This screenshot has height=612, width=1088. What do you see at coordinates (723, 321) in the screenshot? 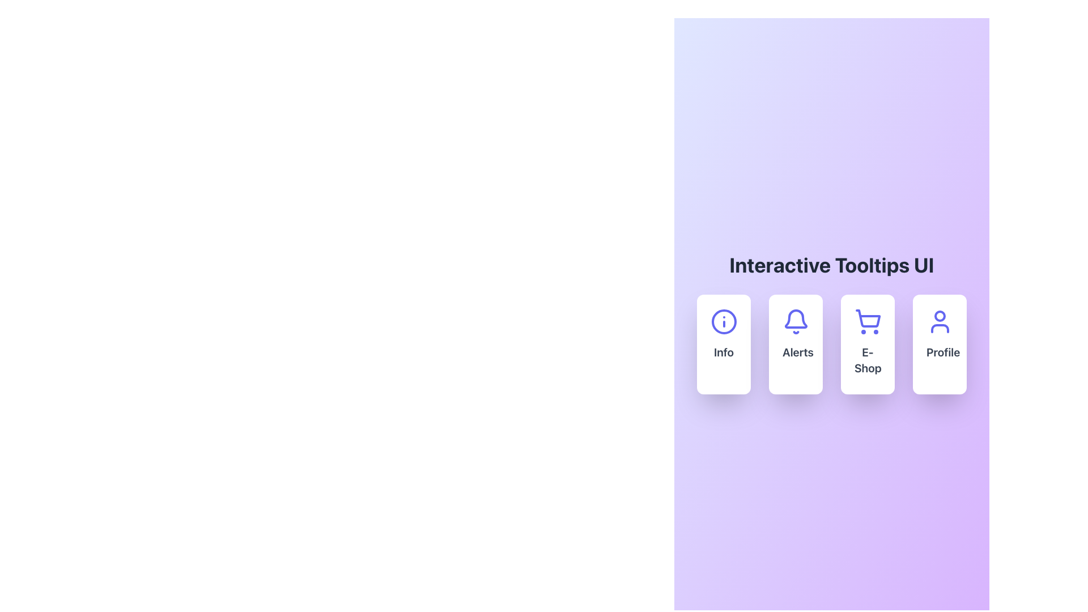
I see `the 'i' icon enclosed within a circular border` at bounding box center [723, 321].